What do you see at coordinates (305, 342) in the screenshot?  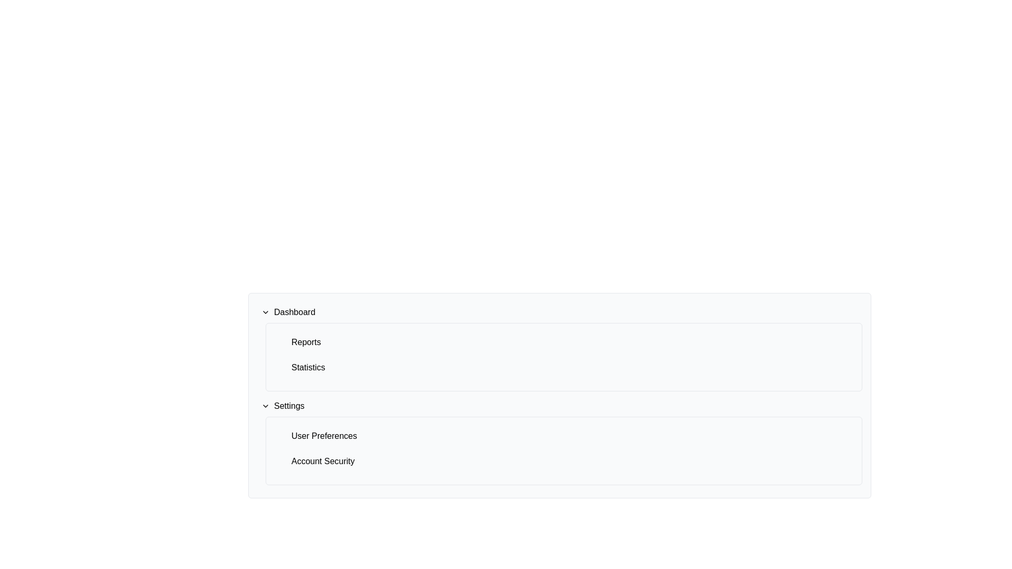 I see `the 'Reports' text label located below the 'Dashboard' section header in the submenu box` at bounding box center [305, 342].